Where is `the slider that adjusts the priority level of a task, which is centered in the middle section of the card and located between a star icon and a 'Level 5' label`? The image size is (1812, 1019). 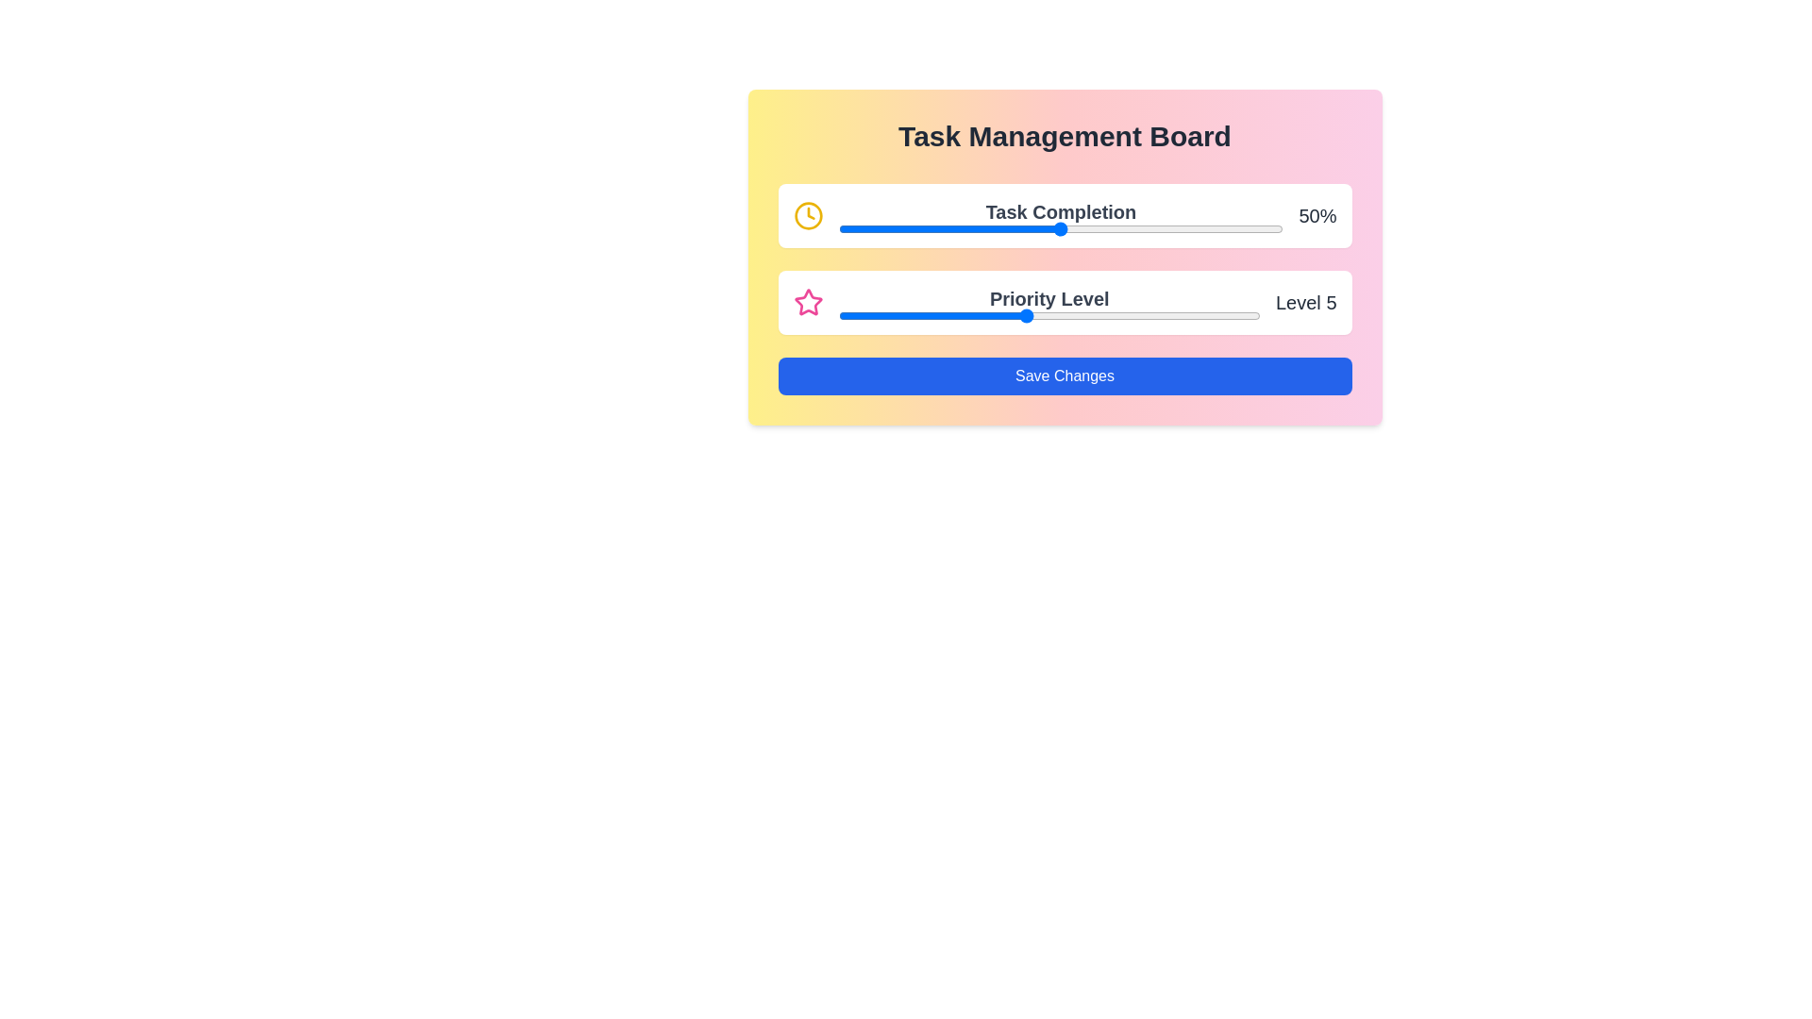
the slider that adjusts the priority level of a task, which is centered in the middle section of the card and located between a star icon and a 'Level 5' label is located at coordinates (1049, 301).